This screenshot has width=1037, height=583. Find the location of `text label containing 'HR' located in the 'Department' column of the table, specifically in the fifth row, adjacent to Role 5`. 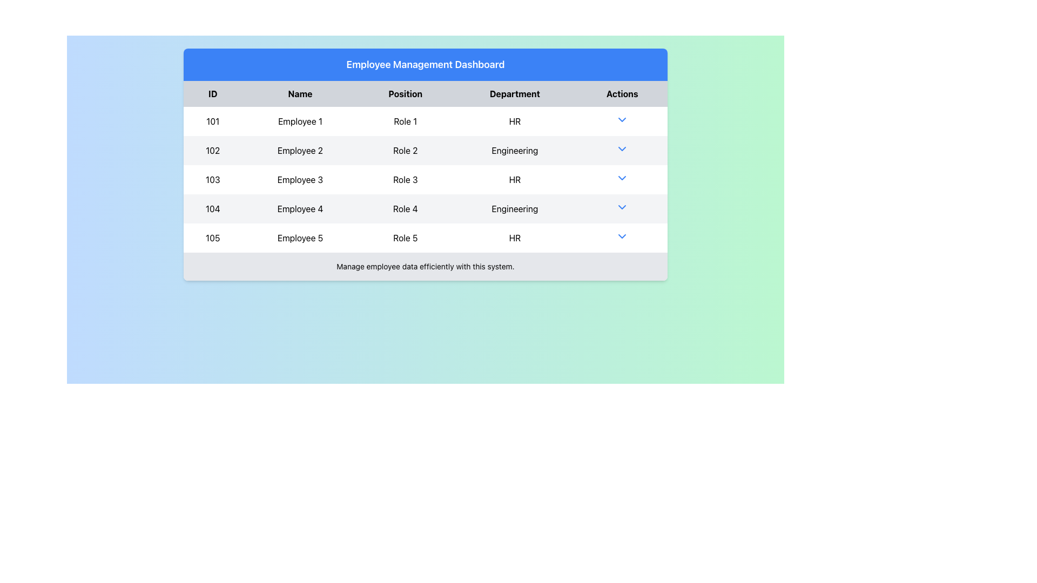

text label containing 'HR' located in the 'Department' column of the table, specifically in the fifth row, adjacent to Role 5 is located at coordinates (514, 237).